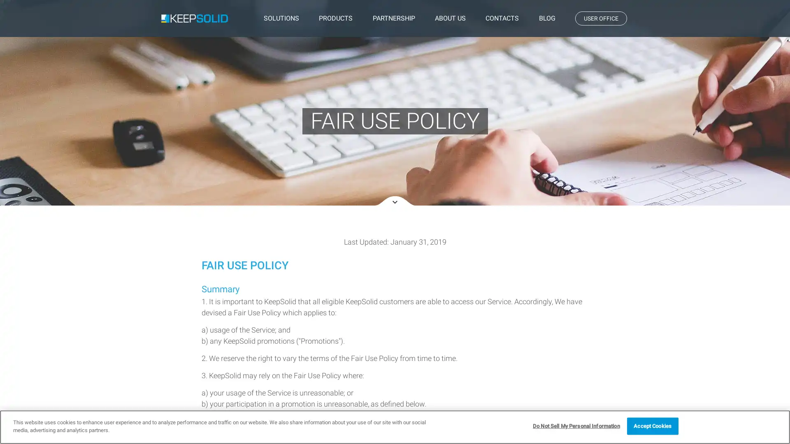 This screenshot has width=790, height=444. I want to click on Do Not Sell My Personal Information, so click(576, 425).